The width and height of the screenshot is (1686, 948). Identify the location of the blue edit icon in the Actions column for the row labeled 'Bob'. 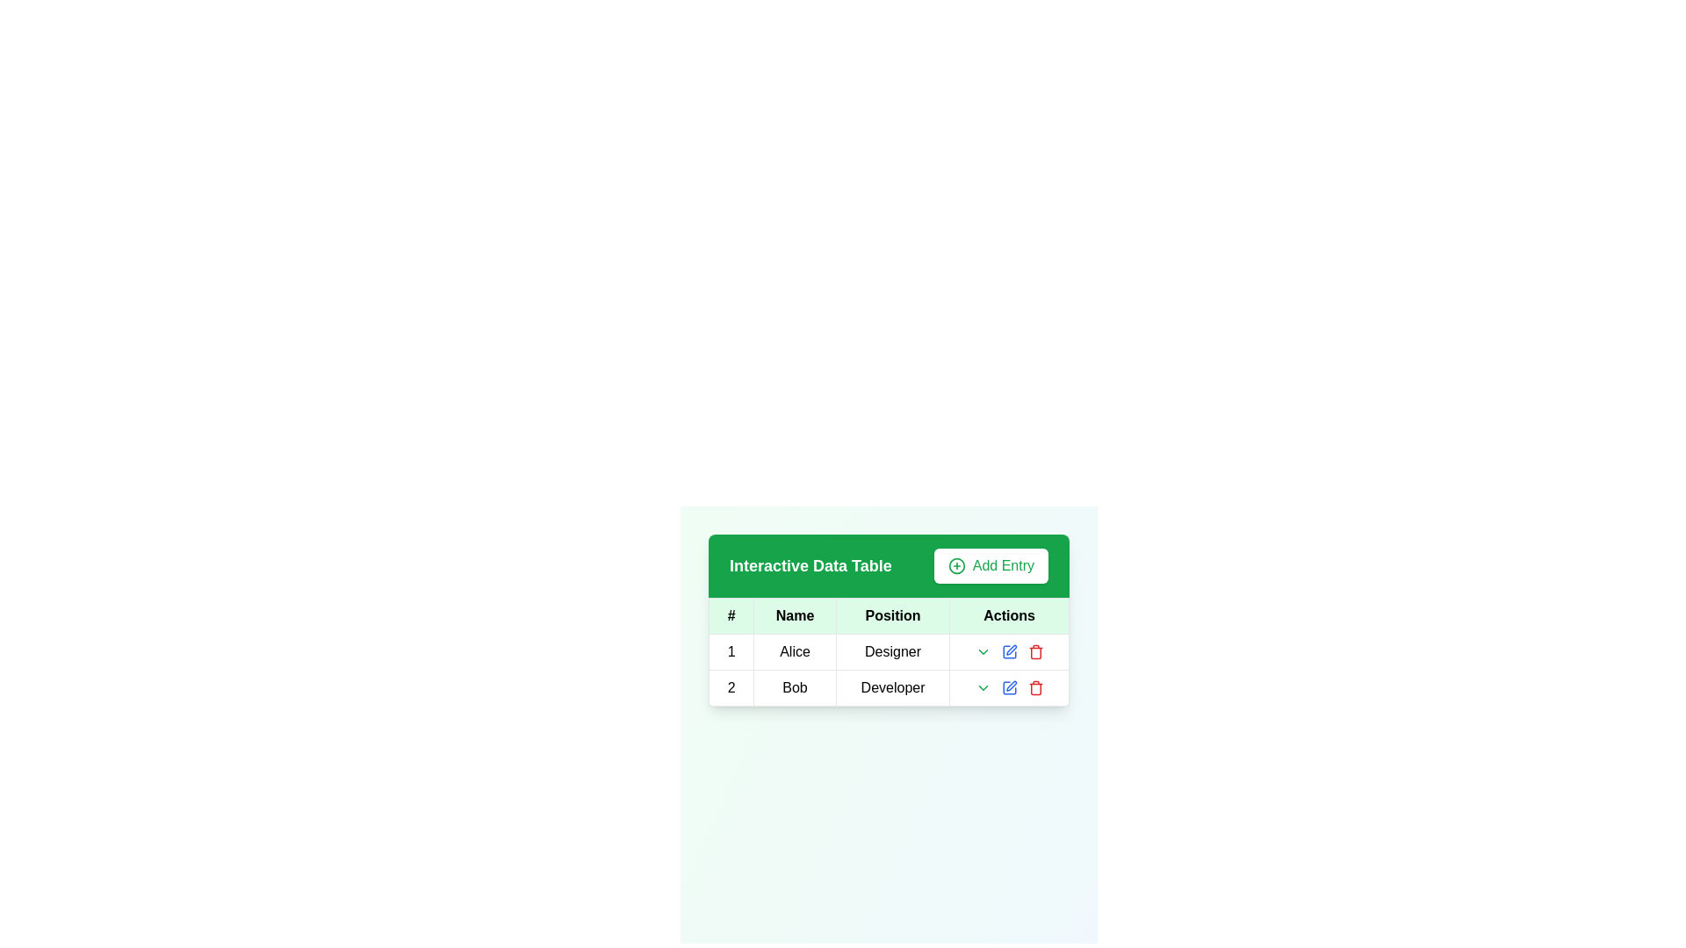
(1009, 686).